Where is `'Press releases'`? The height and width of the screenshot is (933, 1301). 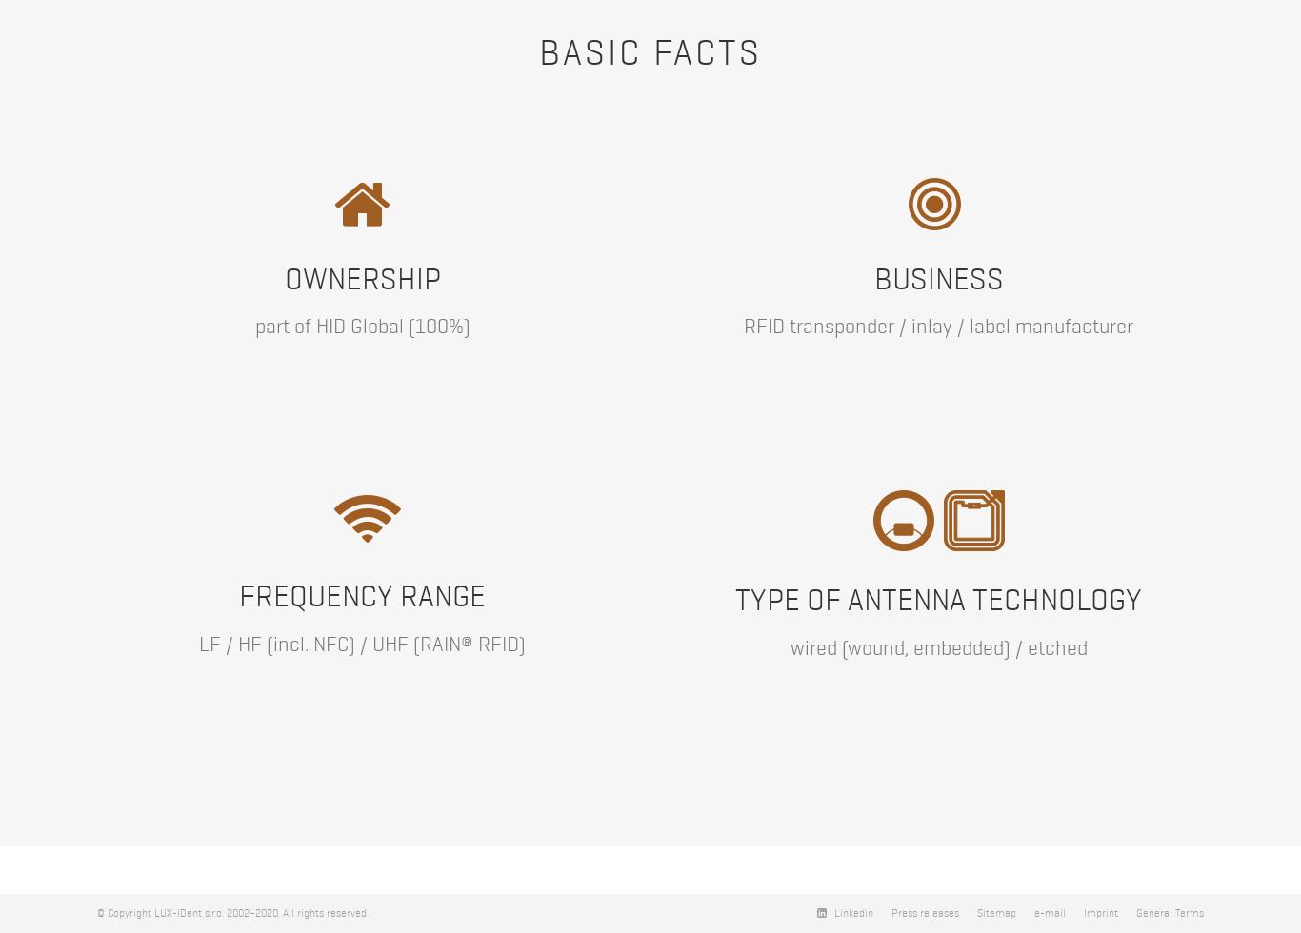
'Press releases' is located at coordinates (925, 913).